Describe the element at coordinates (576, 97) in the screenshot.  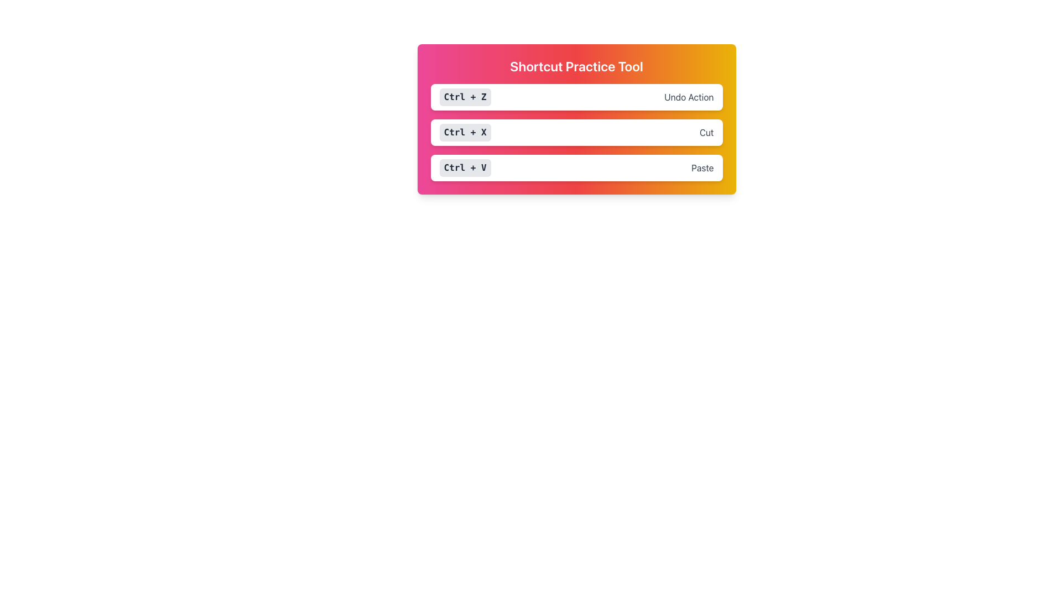
I see `the static display panel that shows the shortcut key combination 'Ctrl + Z' for undoing an action, which is the first element in a vertical stack of three similar elements` at that location.